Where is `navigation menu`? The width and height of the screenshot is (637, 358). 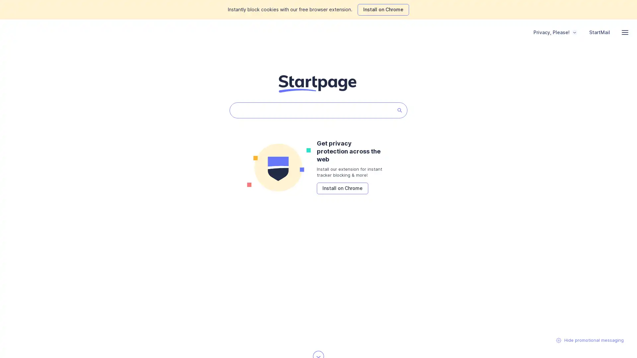
navigation menu is located at coordinates (624, 32).